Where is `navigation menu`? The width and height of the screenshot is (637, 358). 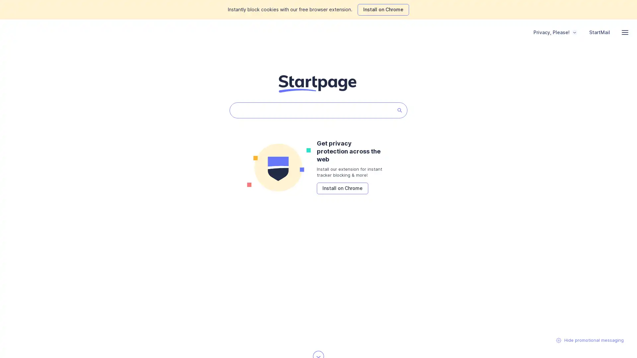
navigation menu is located at coordinates (624, 32).